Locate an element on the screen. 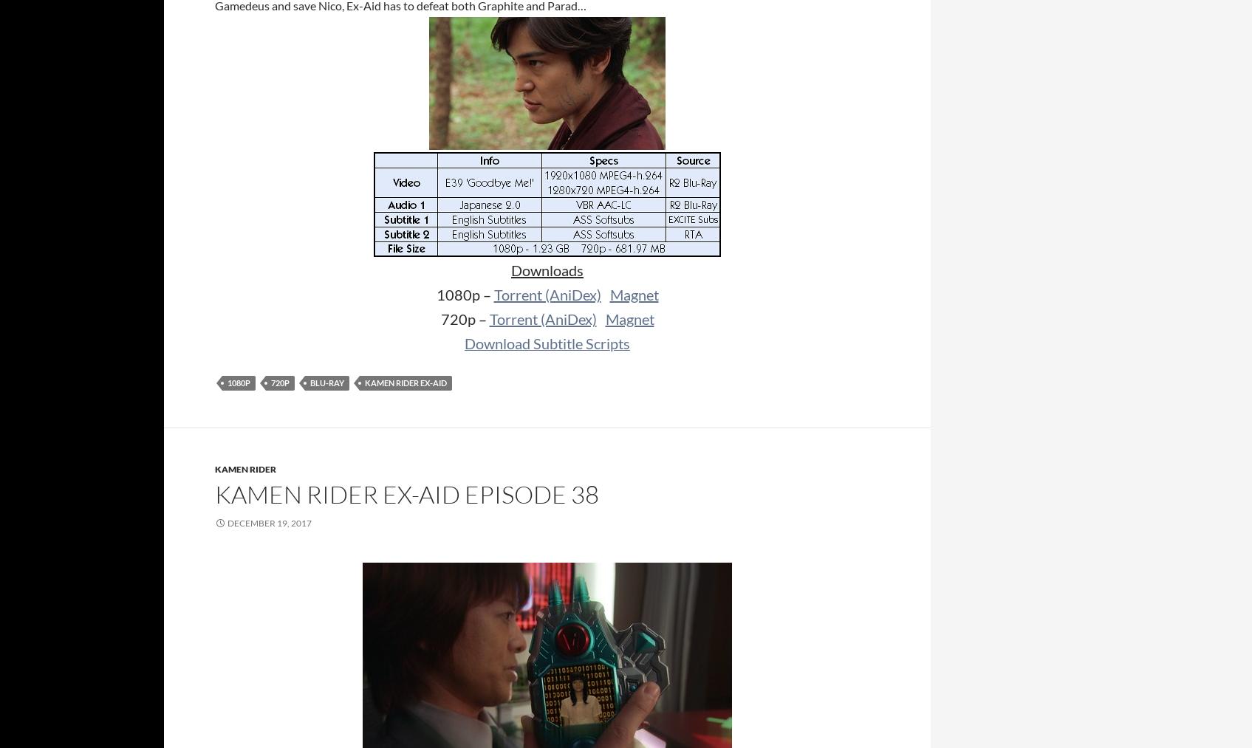  '1080p –' is located at coordinates (464, 295).